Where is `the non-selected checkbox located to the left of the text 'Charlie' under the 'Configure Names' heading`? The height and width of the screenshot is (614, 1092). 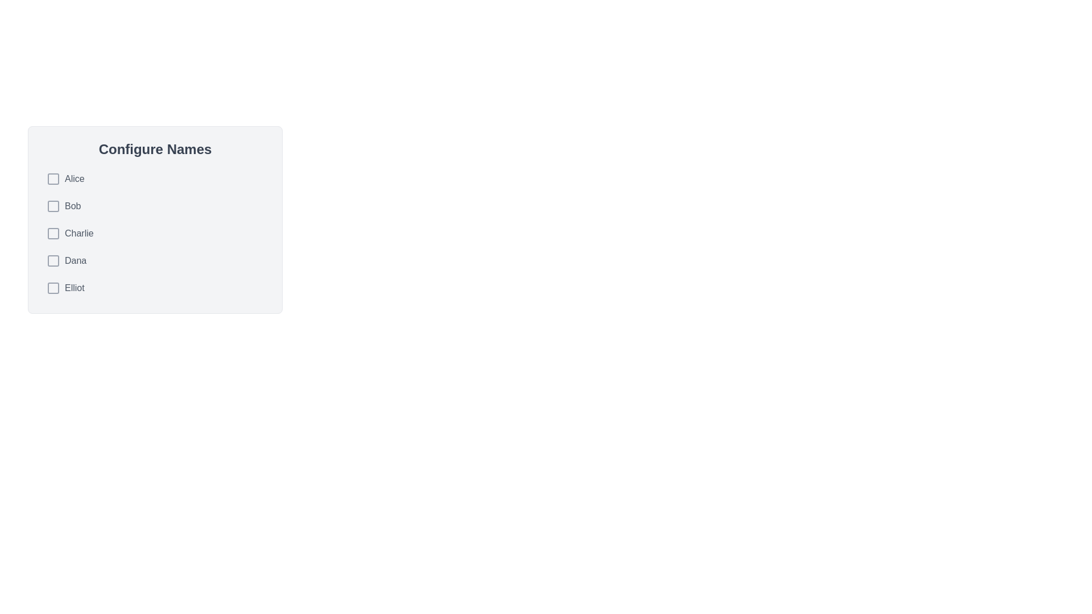 the non-selected checkbox located to the left of the text 'Charlie' under the 'Configure Names' heading is located at coordinates (53, 233).